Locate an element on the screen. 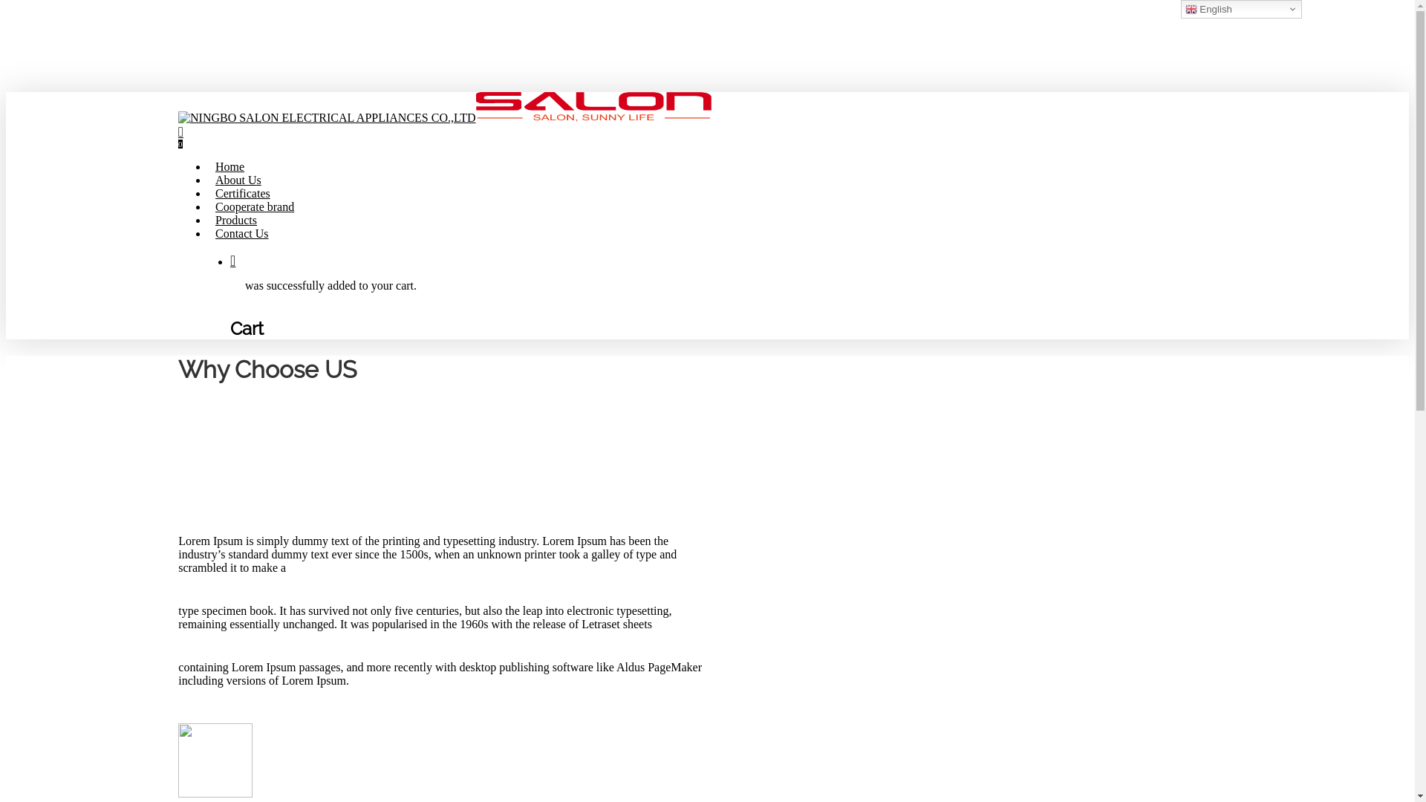 This screenshot has height=802, width=1426. 'Cooperate brand' is located at coordinates (214, 206).